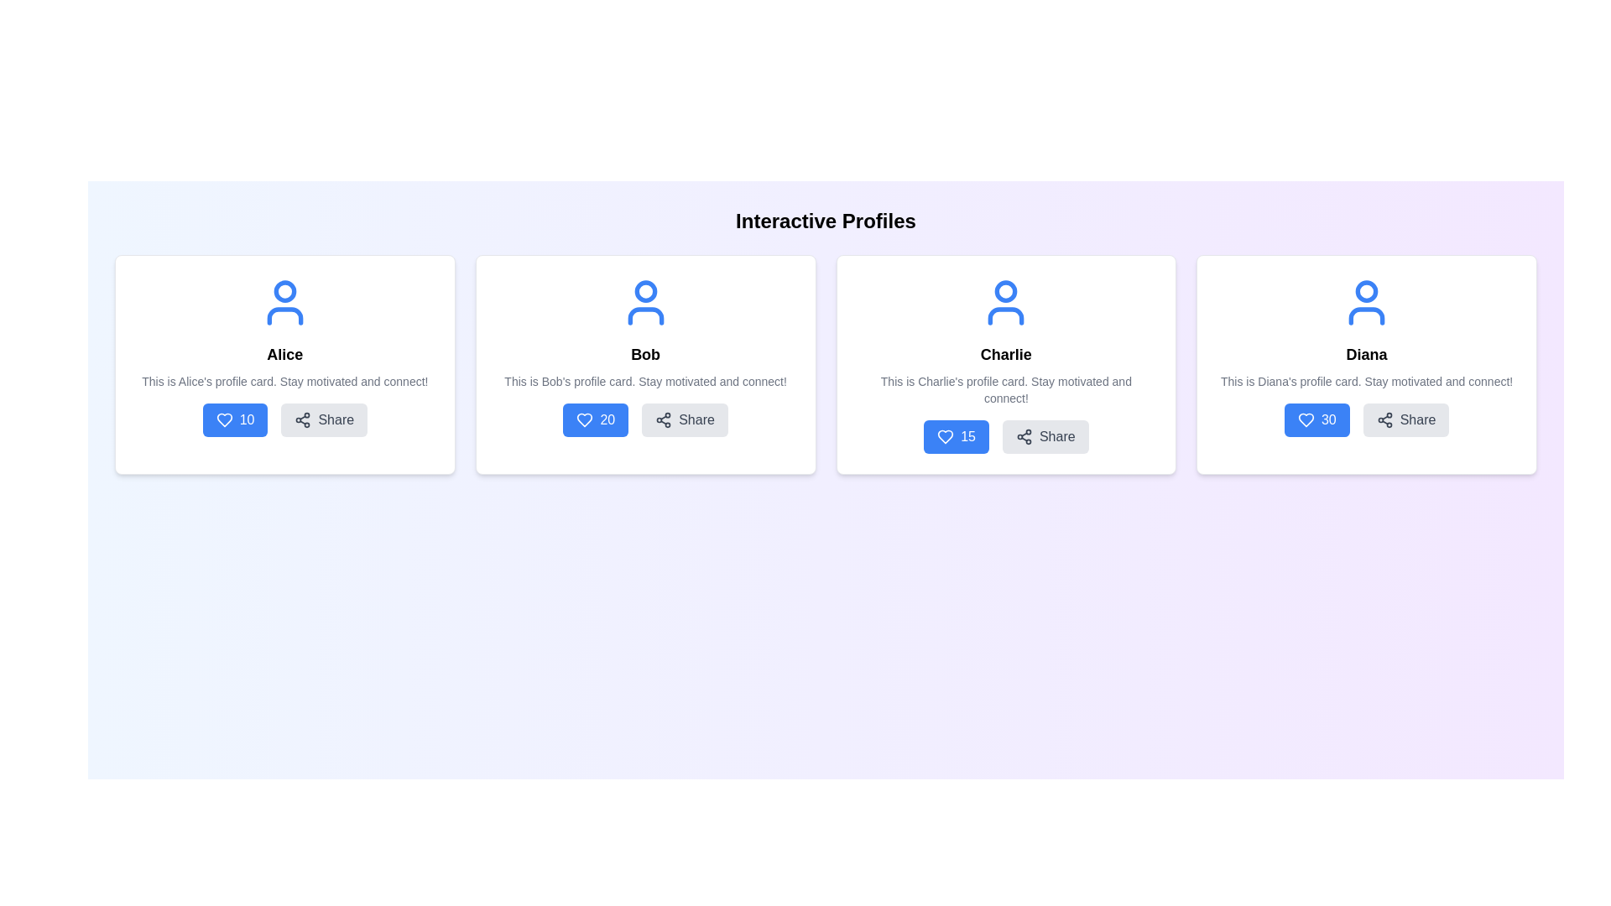 The width and height of the screenshot is (1611, 906). Describe the element at coordinates (1006, 290) in the screenshot. I see `the circular graphical component within the SVG profile icon for the profile labeled 'Charlie', located at the top center of the card` at that location.